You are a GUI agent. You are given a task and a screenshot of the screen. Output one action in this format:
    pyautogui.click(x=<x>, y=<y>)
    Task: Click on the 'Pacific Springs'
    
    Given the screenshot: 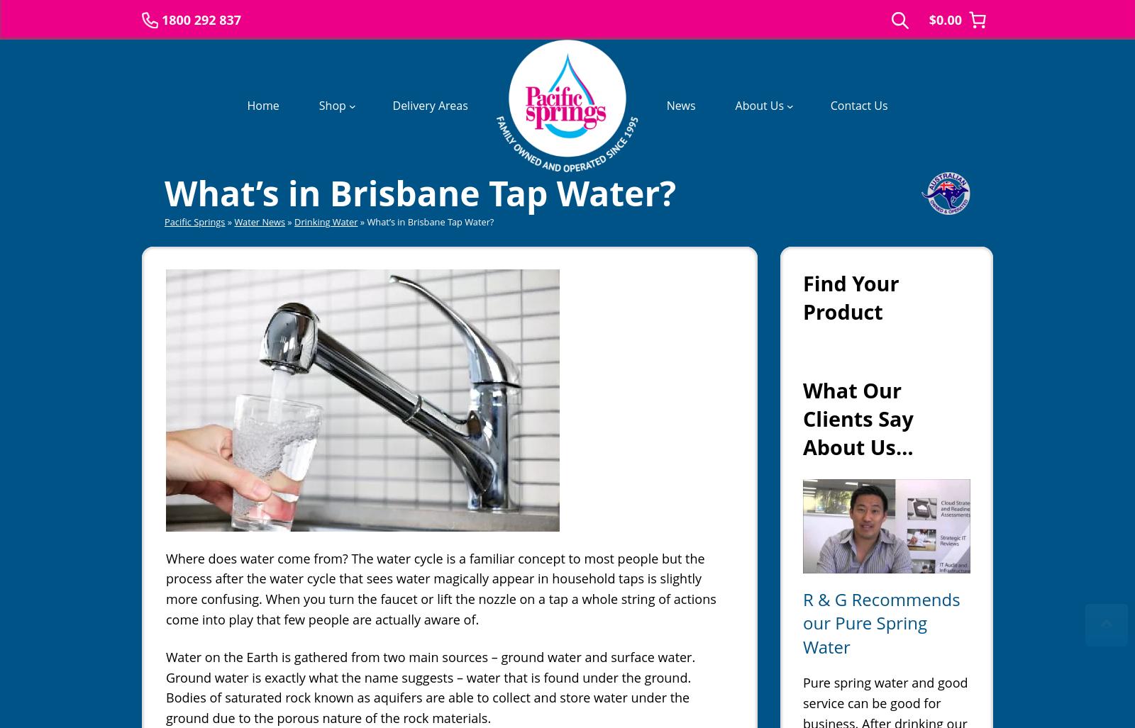 What is the action you would take?
    pyautogui.click(x=194, y=221)
    